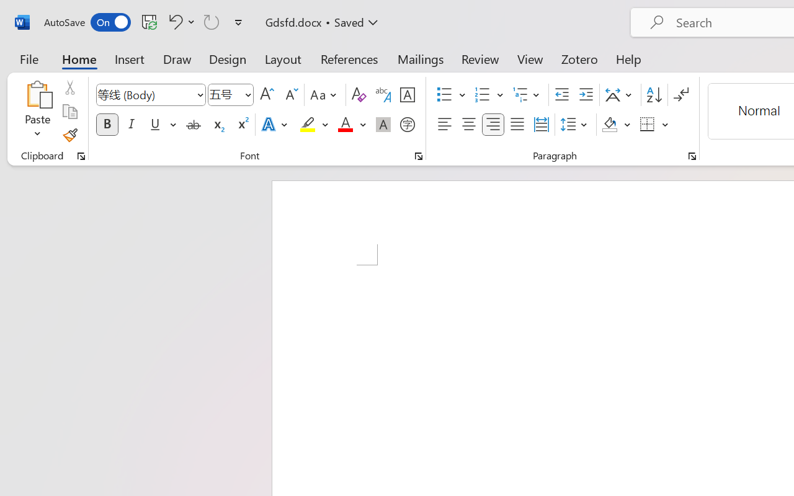 The image size is (794, 496). What do you see at coordinates (212, 21) in the screenshot?
I see `'Can'` at bounding box center [212, 21].